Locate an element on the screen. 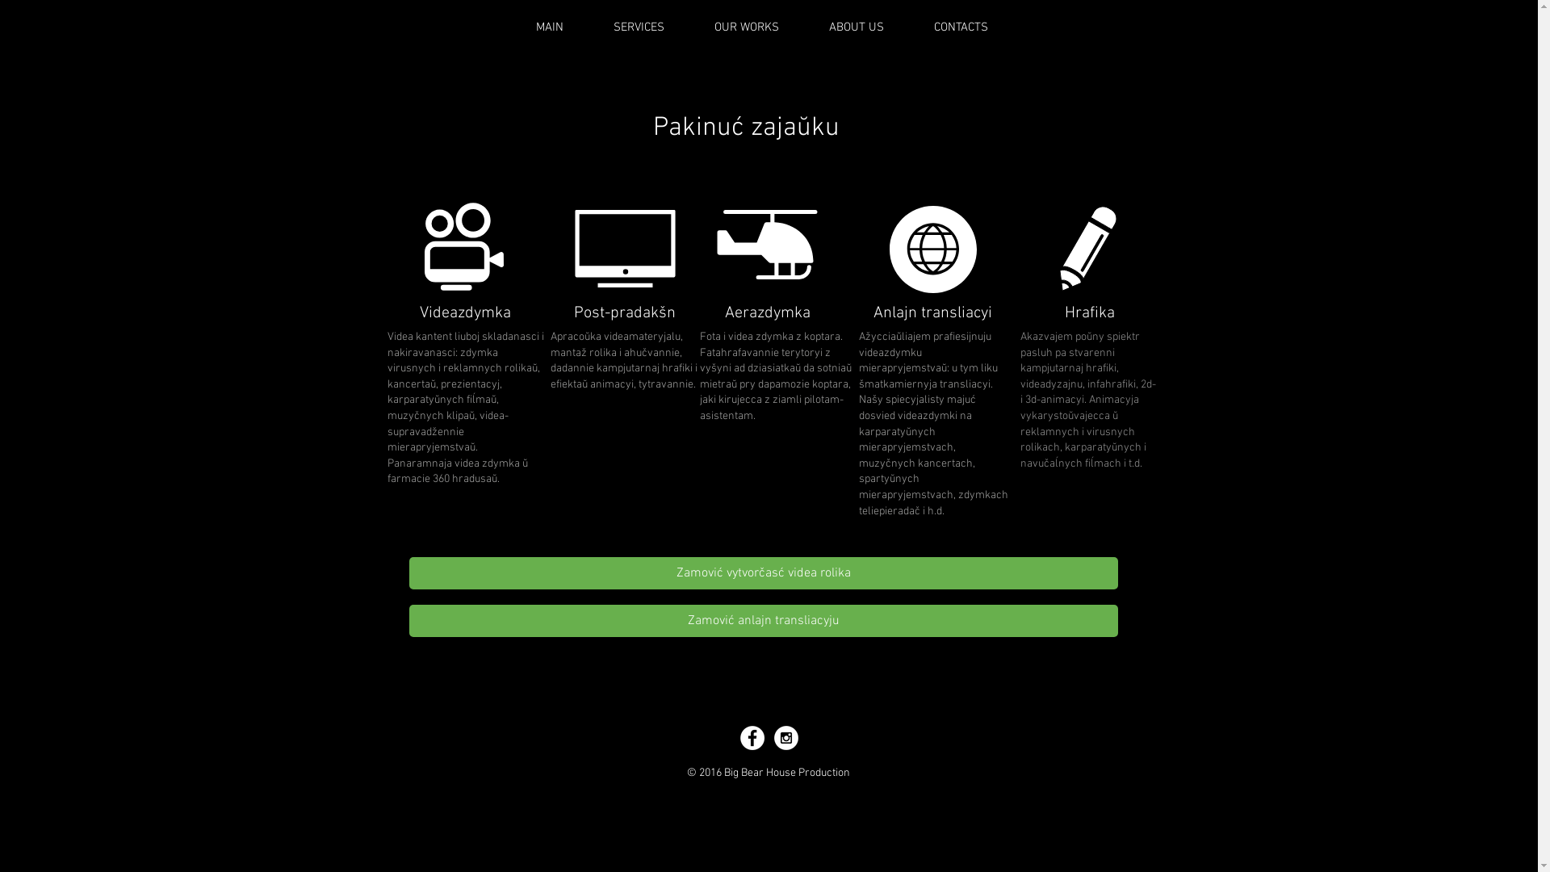  'SERVICES' is located at coordinates (587, 27).